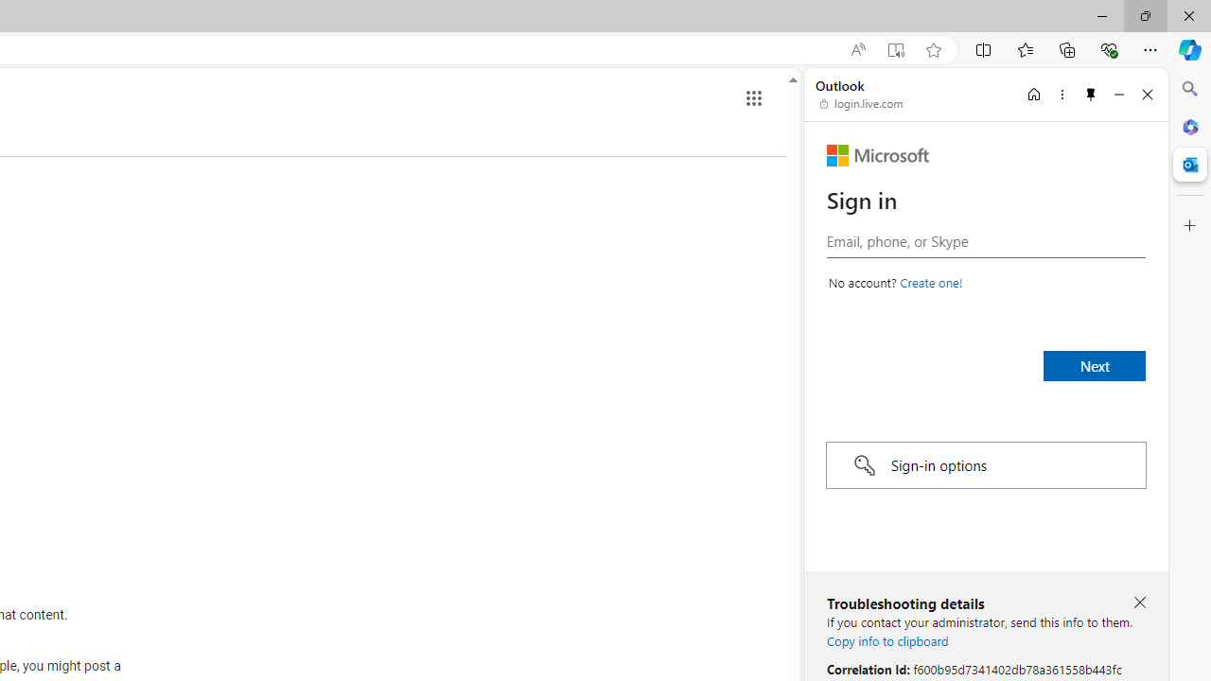 Image resolution: width=1211 pixels, height=681 pixels. I want to click on 'Enter Immersive Reader (F9)', so click(894, 49).